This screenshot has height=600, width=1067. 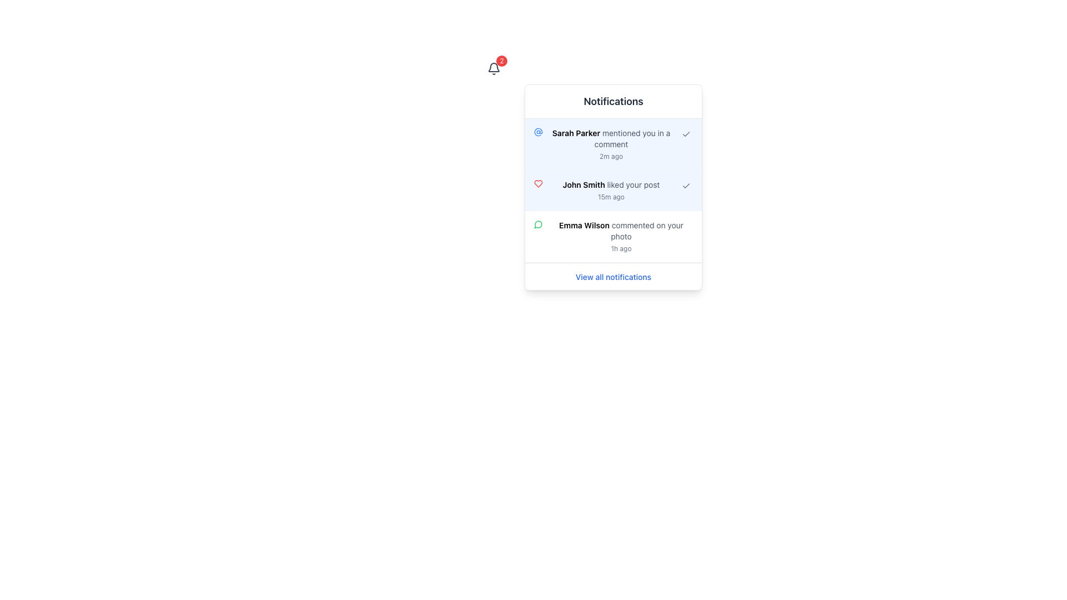 What do you see at coordinates (539, 132) in the screenshot?
I see `the icon located at the top-left corner of the first notification item in the notification list` at bounding box center [539, 132].